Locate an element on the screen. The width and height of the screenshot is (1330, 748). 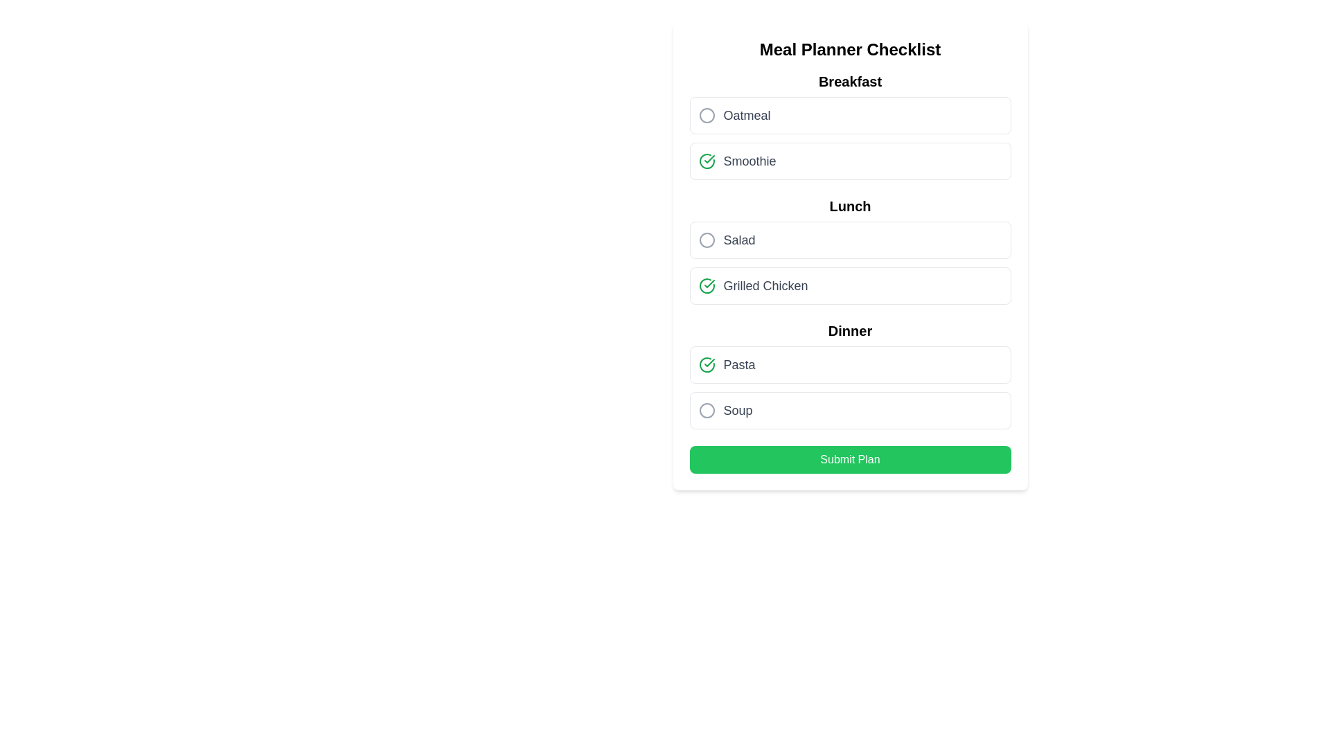
the checkbox in the Breakfast section of the Meal Planner Checklist is located at coordinates (849, 125).